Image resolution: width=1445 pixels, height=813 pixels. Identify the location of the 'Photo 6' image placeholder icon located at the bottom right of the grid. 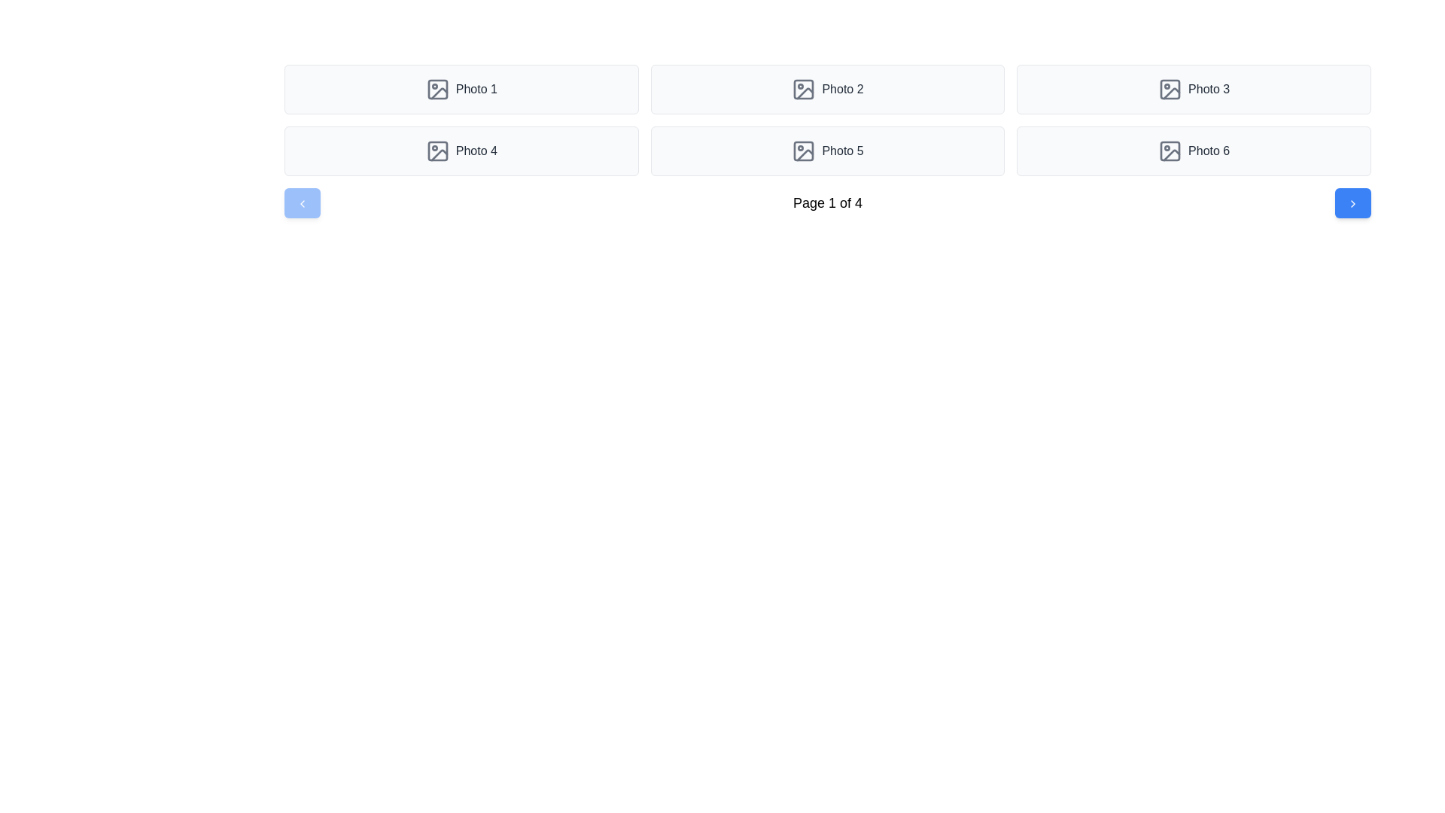
(1170, 151).